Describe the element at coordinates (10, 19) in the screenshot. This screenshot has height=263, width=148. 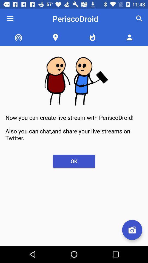
I see `the icon next to periscodroid item` at that location.